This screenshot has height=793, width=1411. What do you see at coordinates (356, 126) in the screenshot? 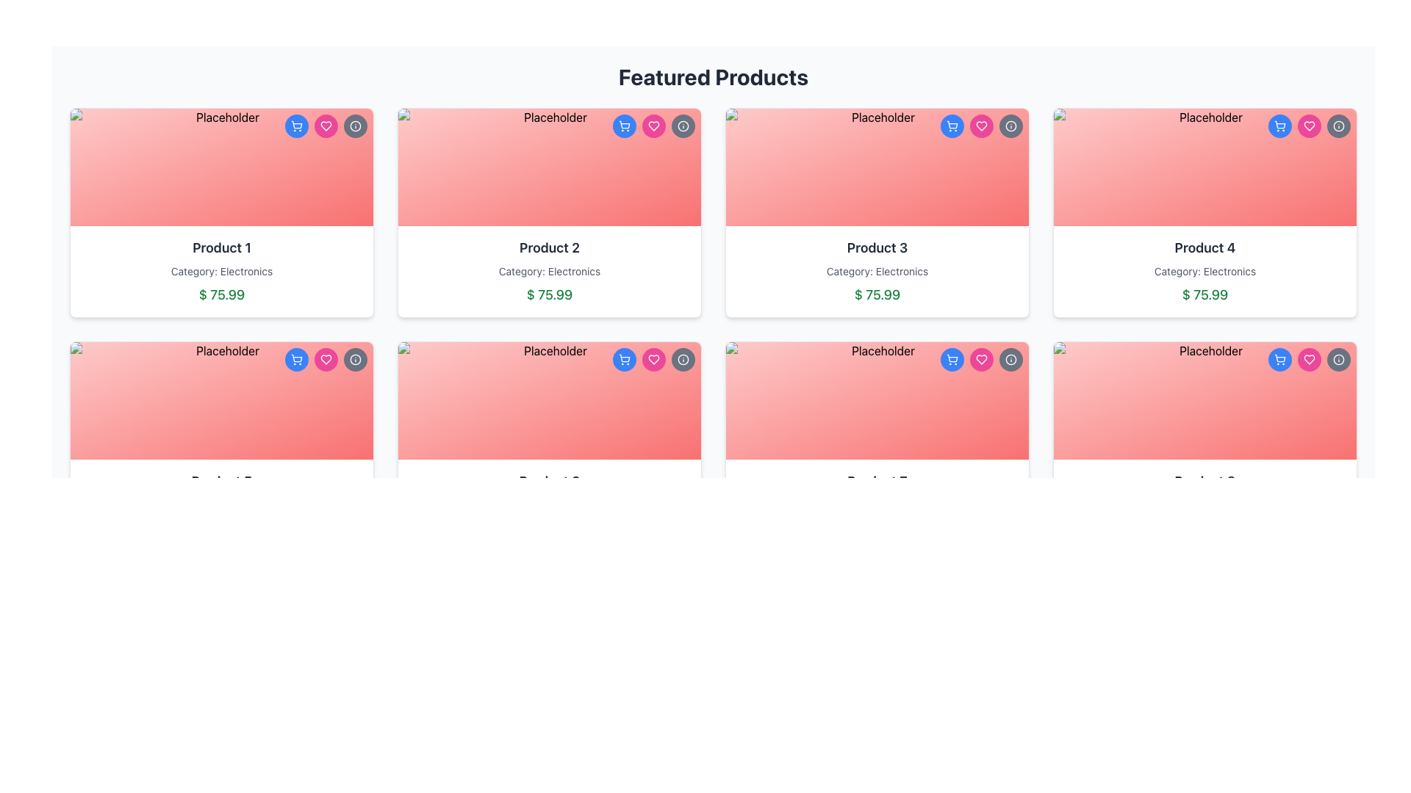
I see `outermost SVG circle element of the 'info' icon located in the top-right corner of the 'Product 1' card` at bounding box center [356, 126].